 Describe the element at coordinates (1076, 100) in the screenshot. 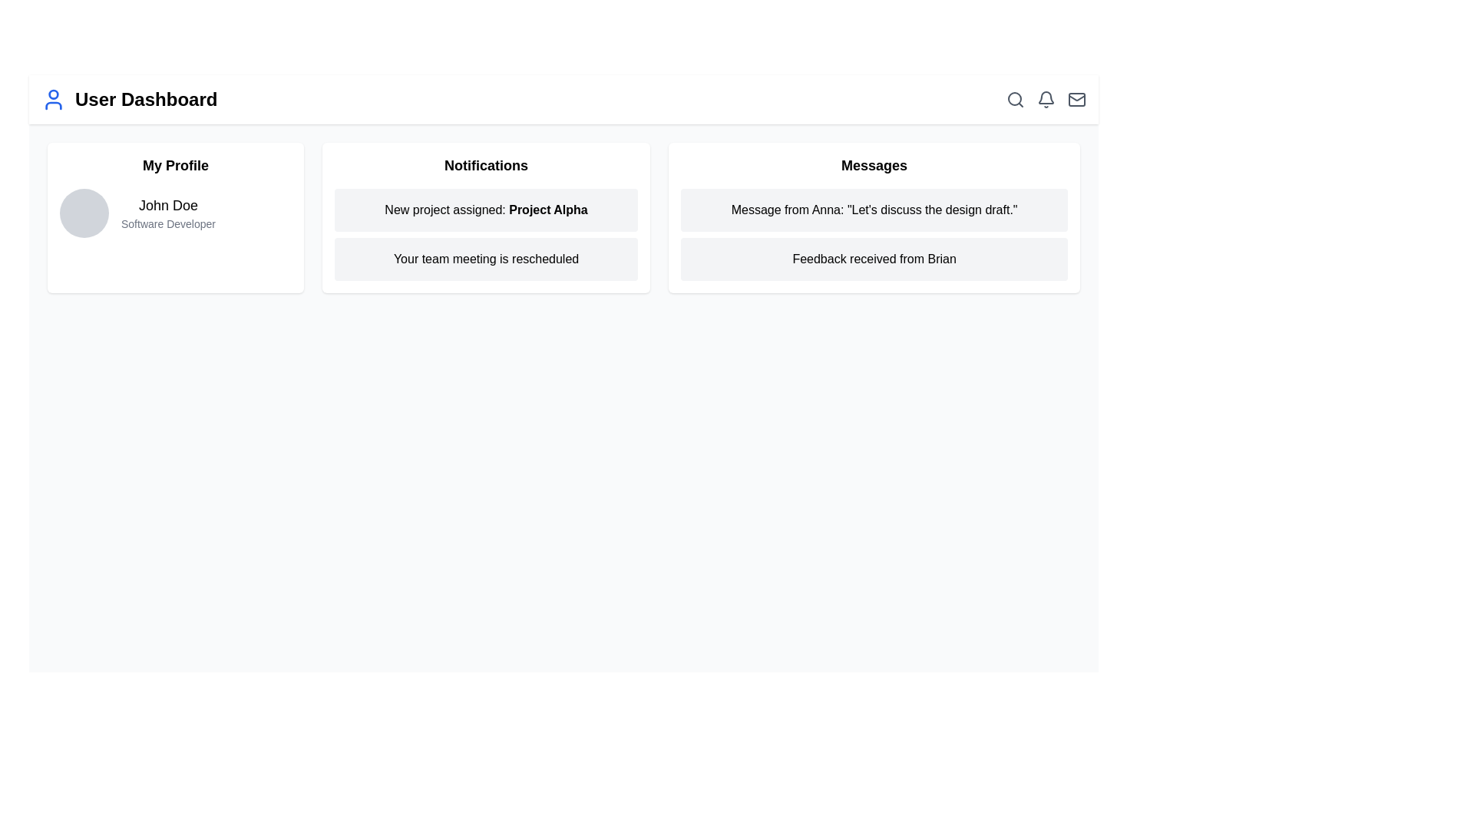

I see `the decorative rectangular shape that forms the body of the envelope icon located in the upper right corner of the interface` at that location.